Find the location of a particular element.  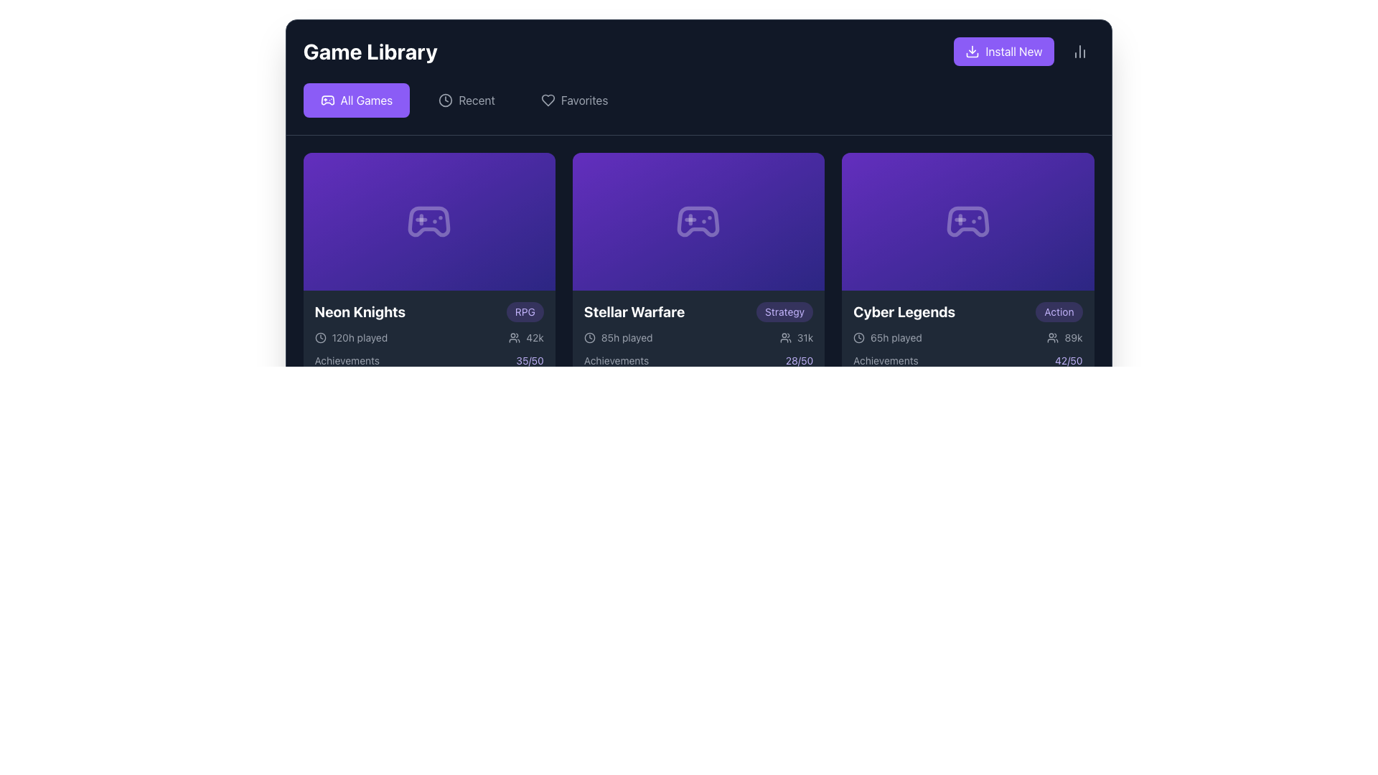

the text display component showing the user's achievements progress in the 'Stellar Warfare' game, located in the 'Achievements' section of the second card is located at coordinates (798, 360).